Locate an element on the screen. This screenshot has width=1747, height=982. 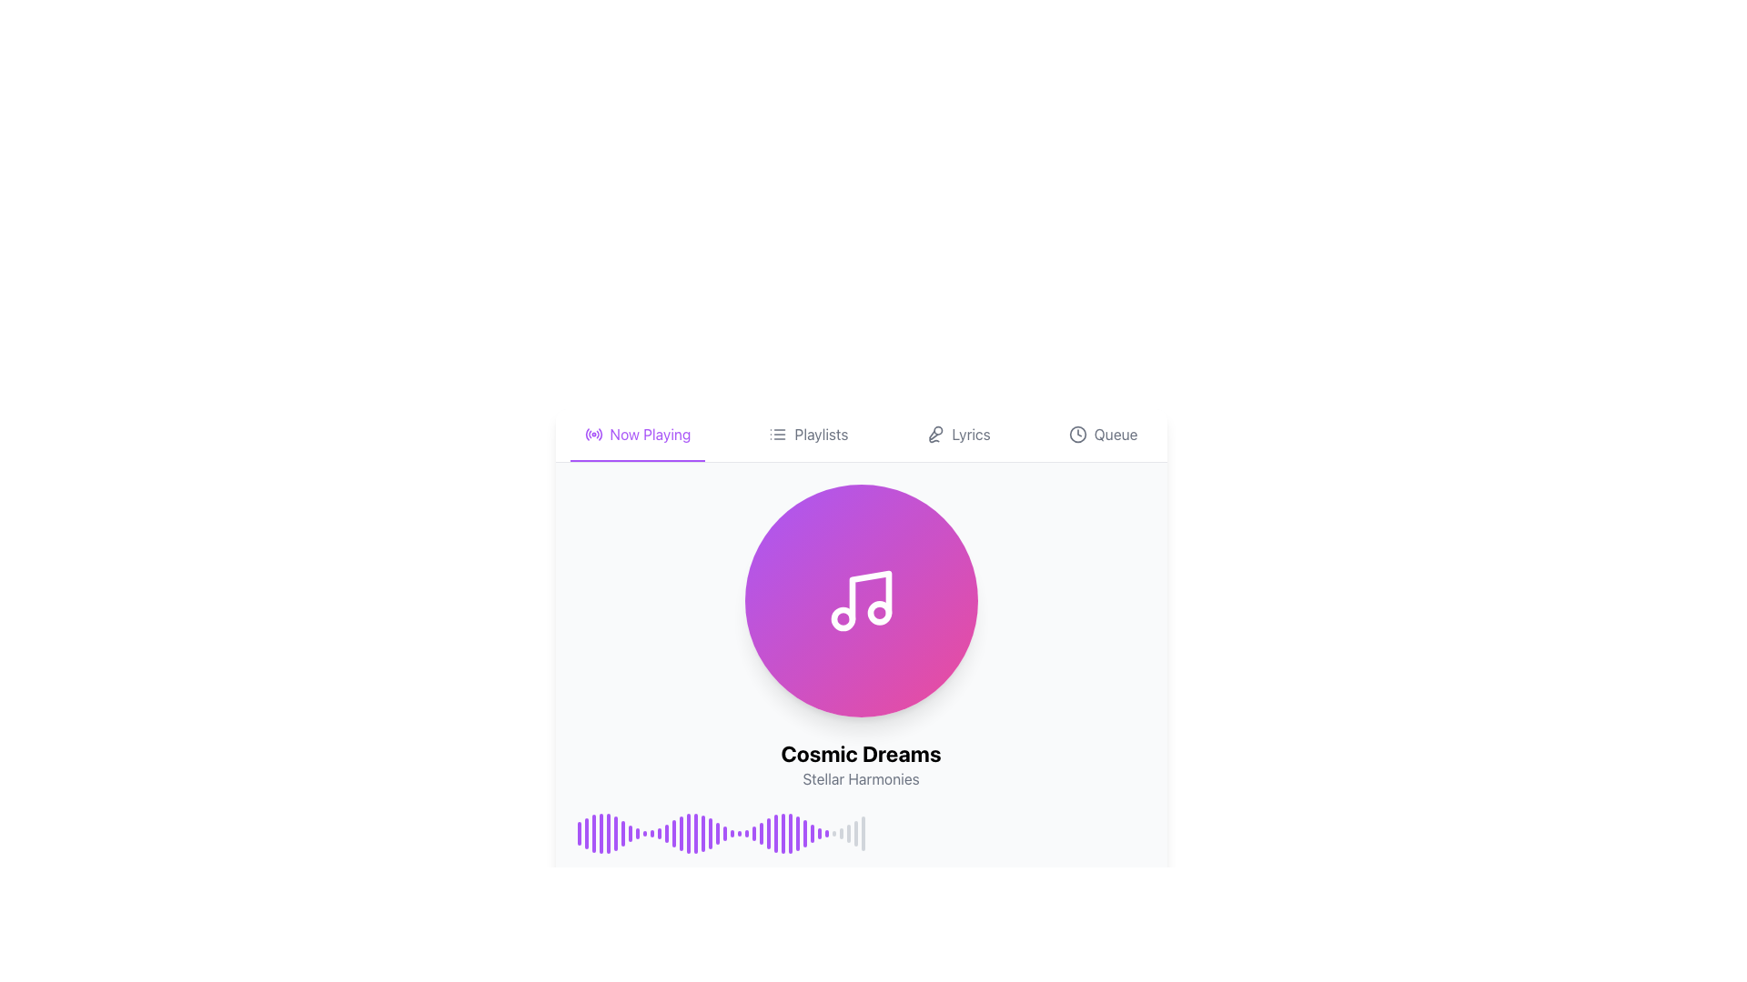
the eighth purple vertical bar with rounded tops and bottoms in the waveform structure located beneath the 'Cosmic Dreams' icon is located at coordinates (630, 834).